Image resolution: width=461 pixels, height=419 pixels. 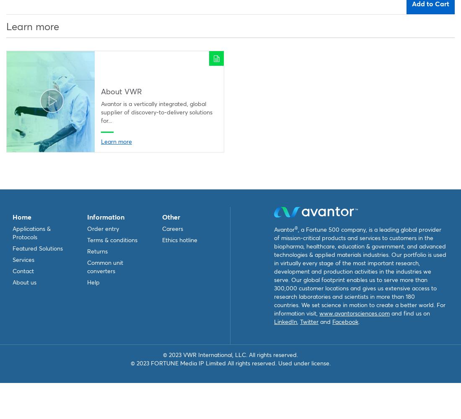 What do you see at coordinates (23, 271) in the screenshot?
I see `'Contact'` at bounding box center [23, 271].